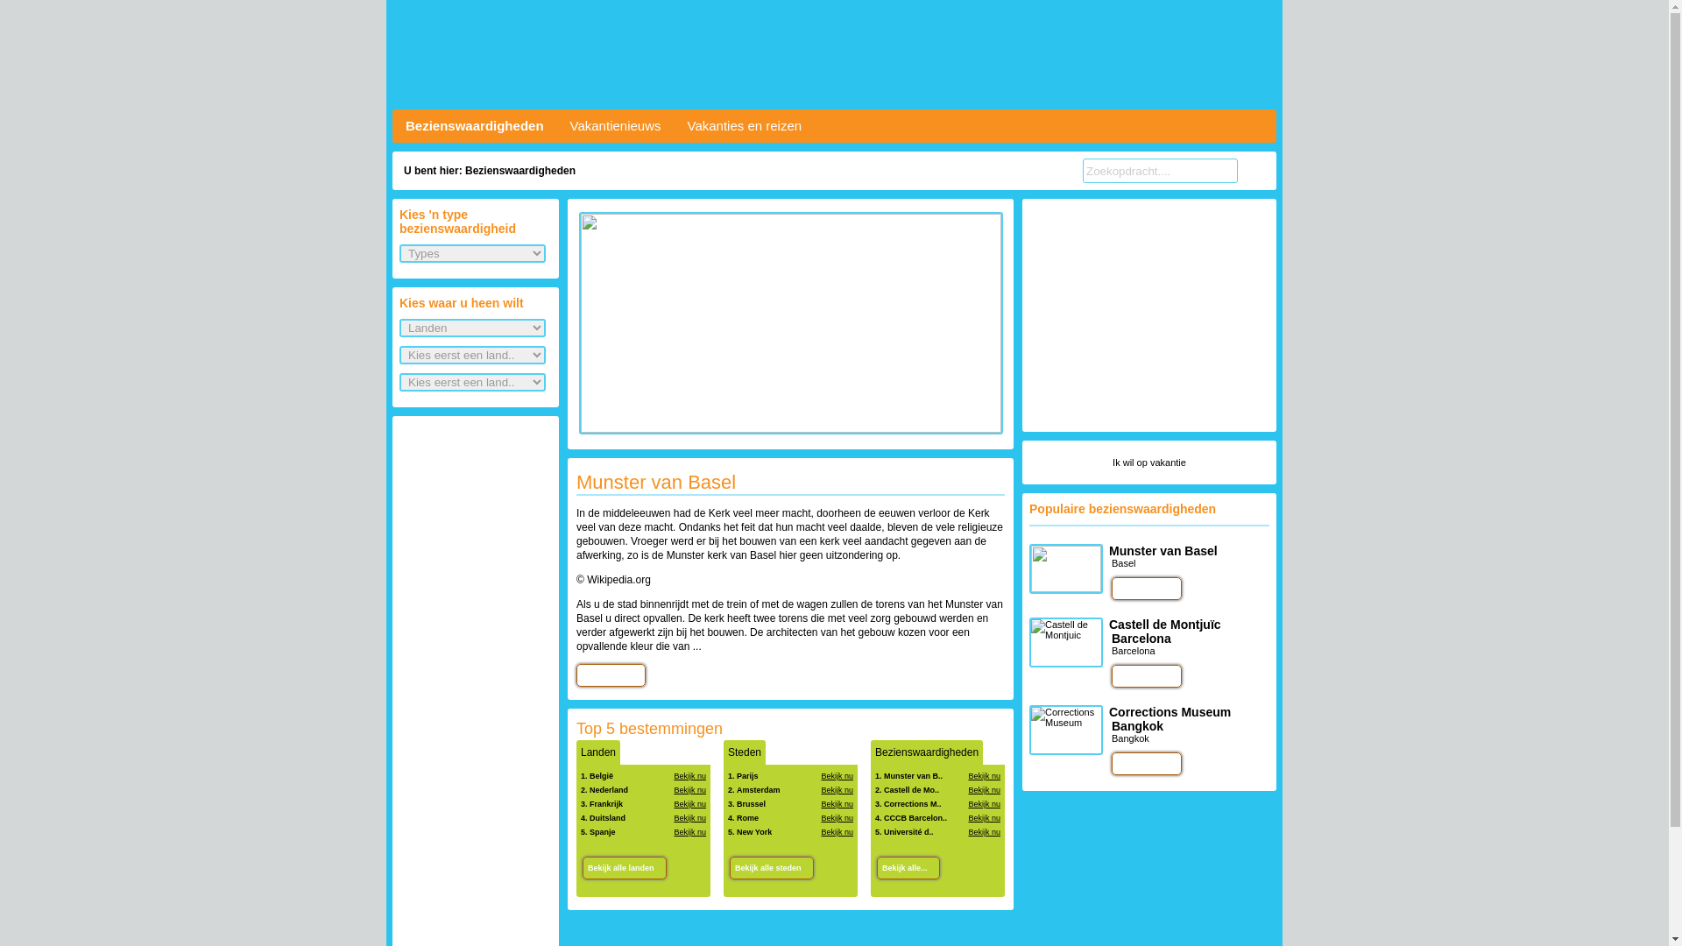 The height and width of the screenshot is (946, 1682). What do you see at coordinates (625, 868) in the screenshot?
I see `'Bekijk alle landen'` at bounding box center [625, 868].